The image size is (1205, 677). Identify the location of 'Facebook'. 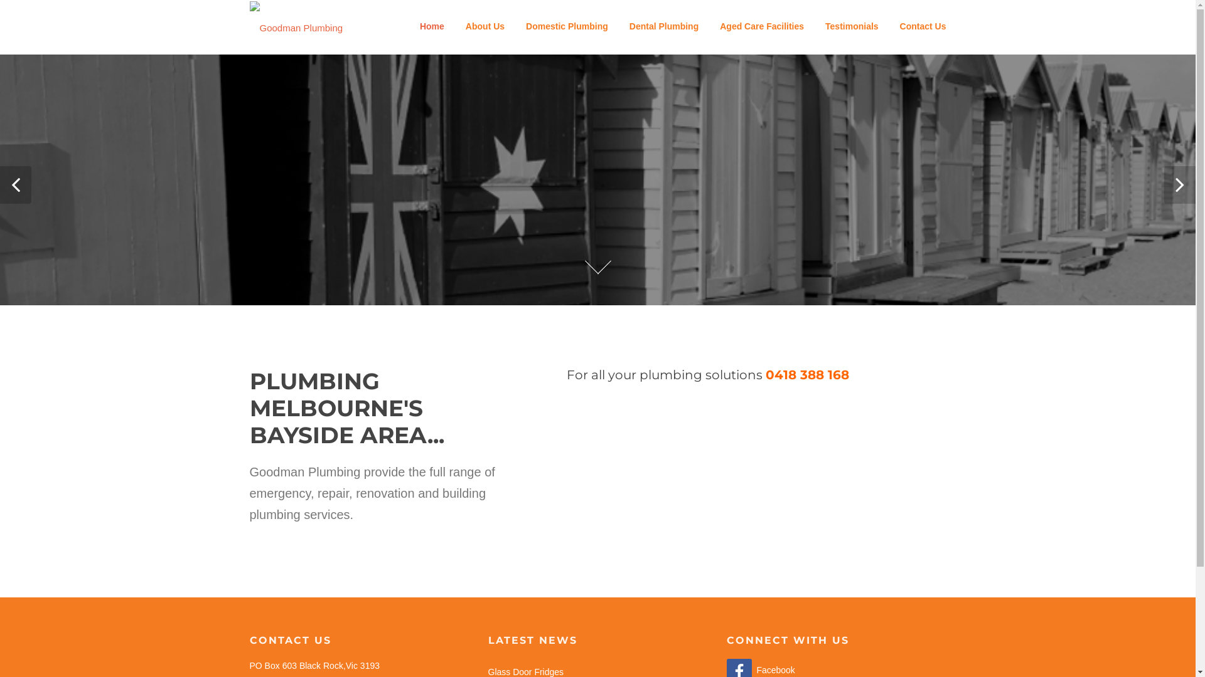
(760, 669).